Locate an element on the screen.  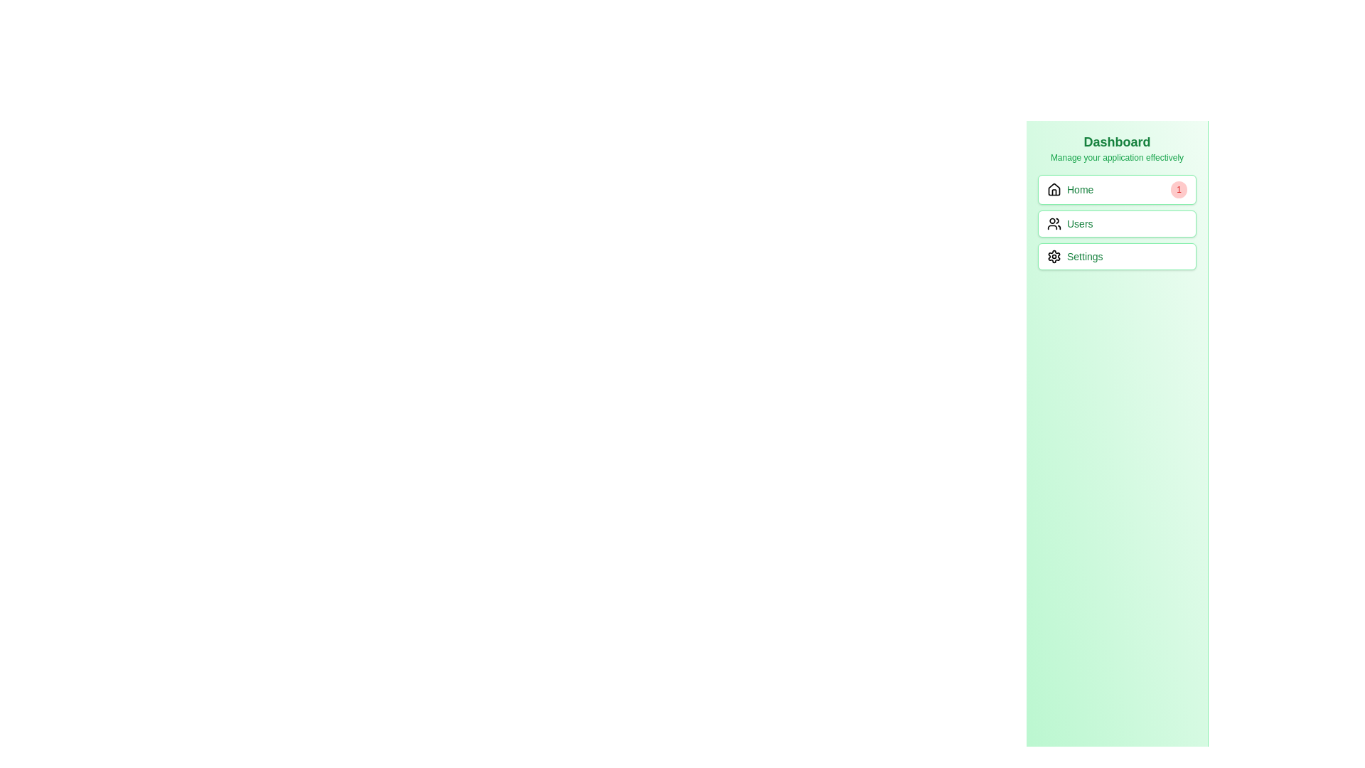
the Text Label that serves as a section title or label, providing context for the content below it is located at coordinates (1116, 142).